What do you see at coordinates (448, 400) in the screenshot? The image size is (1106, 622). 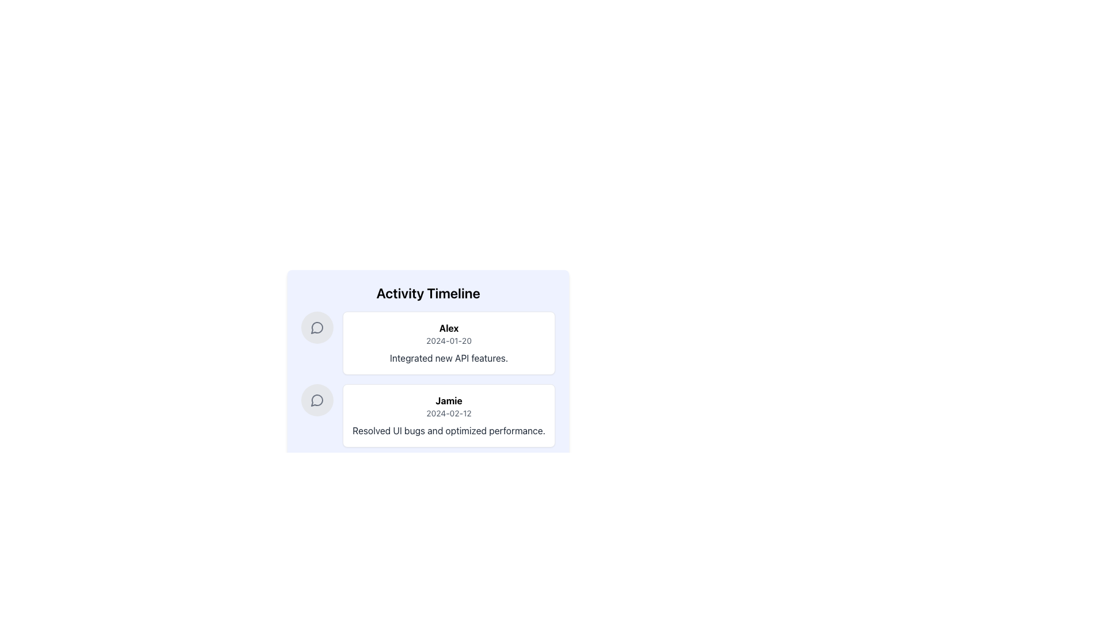 I see `the static text label that identifies a person or entity related to the activity in the second card of the activity timeline, which is located above the date and description` at bounding box center [448, 400].